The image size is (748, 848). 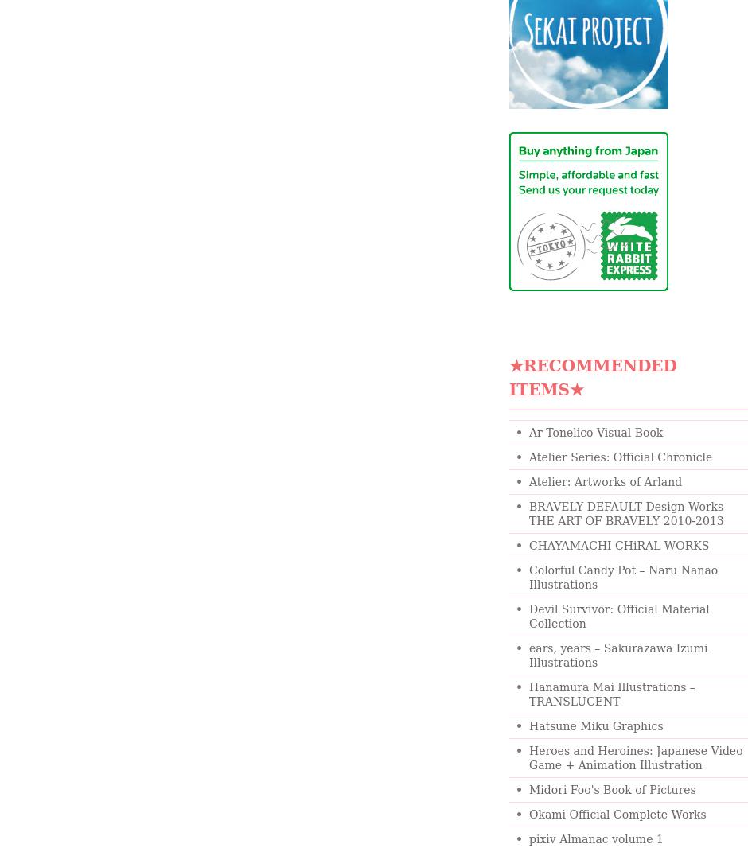 What do you see at coordinates (528, 655) in the screenshot?
I see `'ears, years – Sakurazawa Izumi Illustrations'` at bounding box center [528, 655].